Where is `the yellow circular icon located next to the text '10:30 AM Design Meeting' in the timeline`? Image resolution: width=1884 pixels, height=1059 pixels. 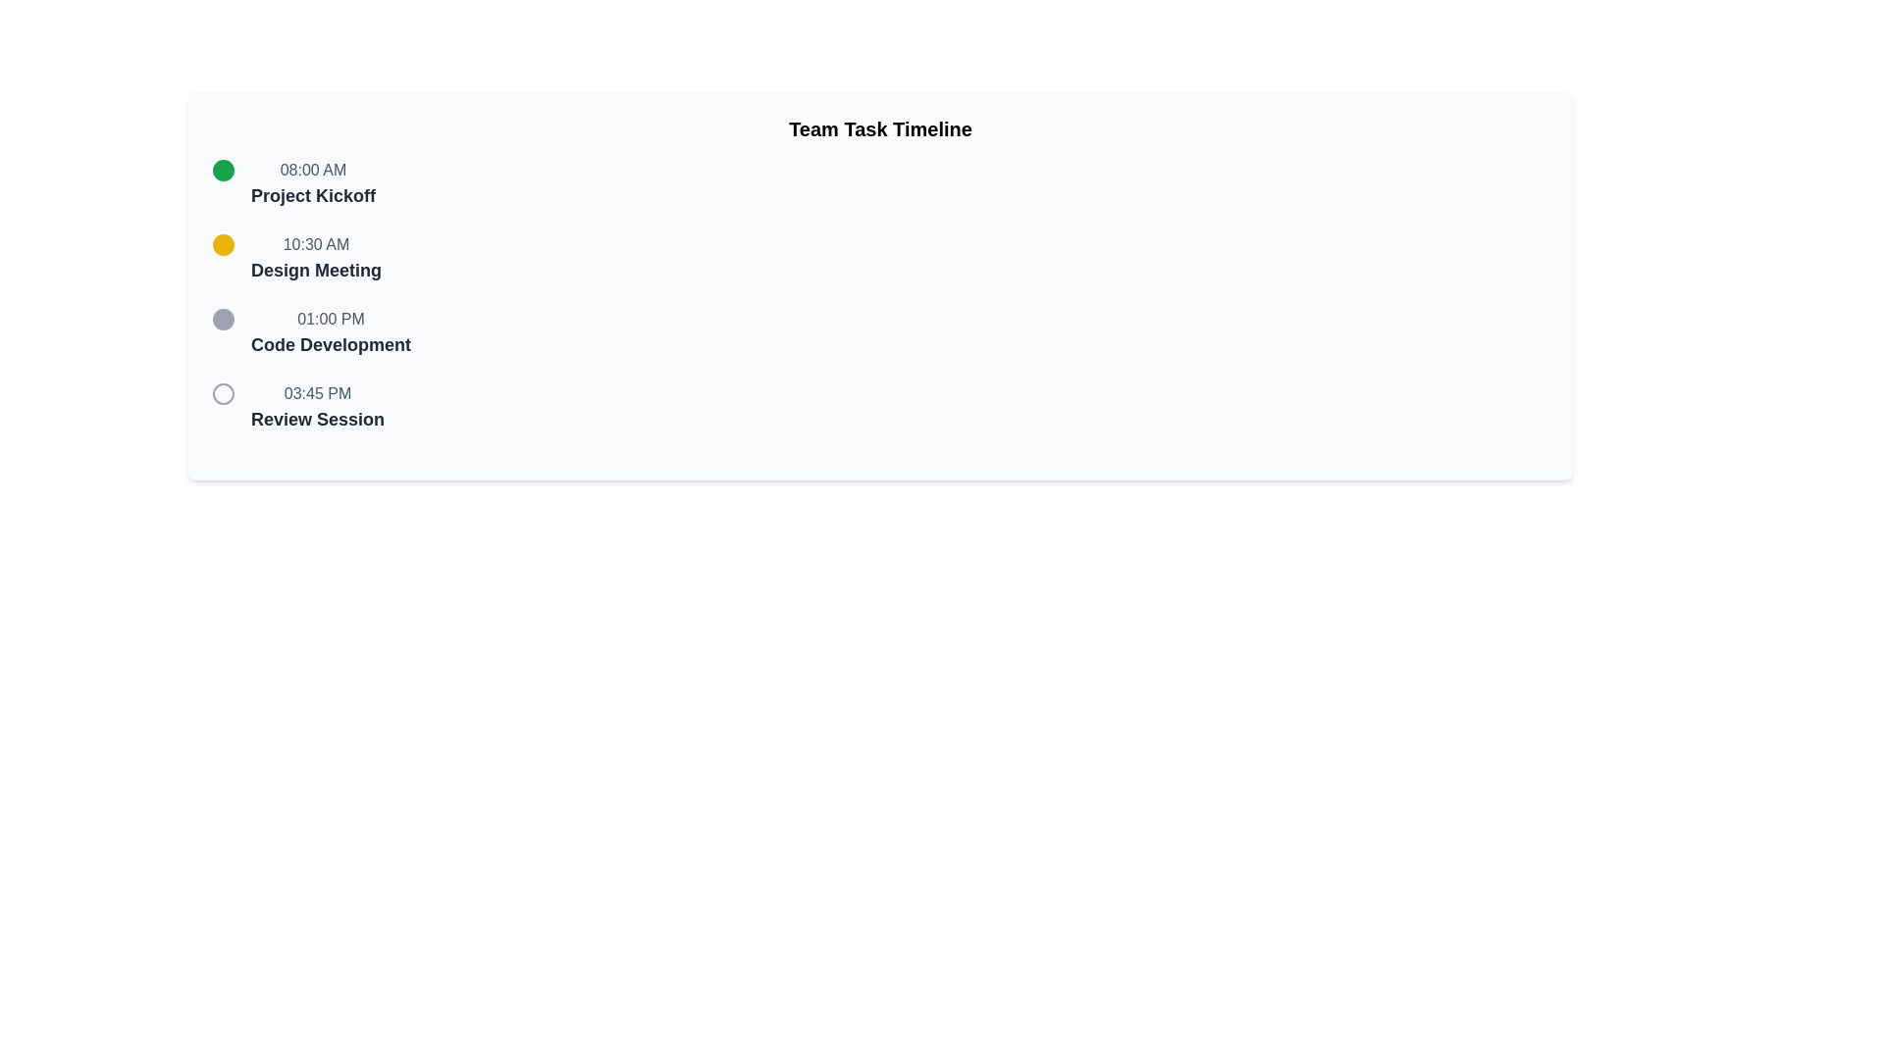
the yellow circular icon located next to the text '10:30 AM Design Meeting' in the timeline is located at coordinates (223, 244).